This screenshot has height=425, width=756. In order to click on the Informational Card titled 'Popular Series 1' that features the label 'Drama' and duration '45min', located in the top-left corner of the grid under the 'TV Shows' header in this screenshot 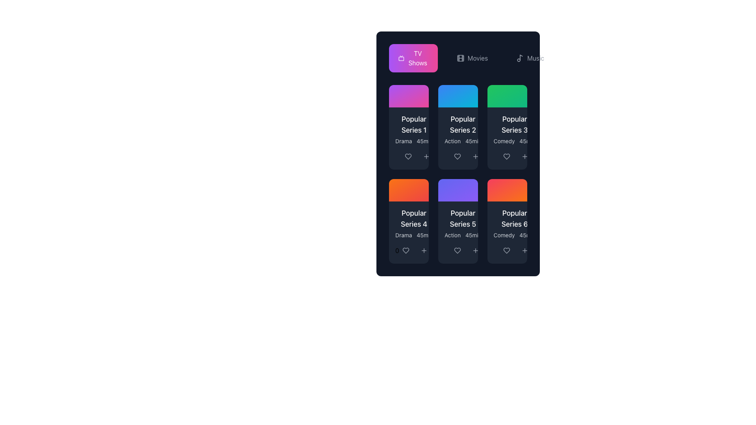, I will do `click(409, 129)`.